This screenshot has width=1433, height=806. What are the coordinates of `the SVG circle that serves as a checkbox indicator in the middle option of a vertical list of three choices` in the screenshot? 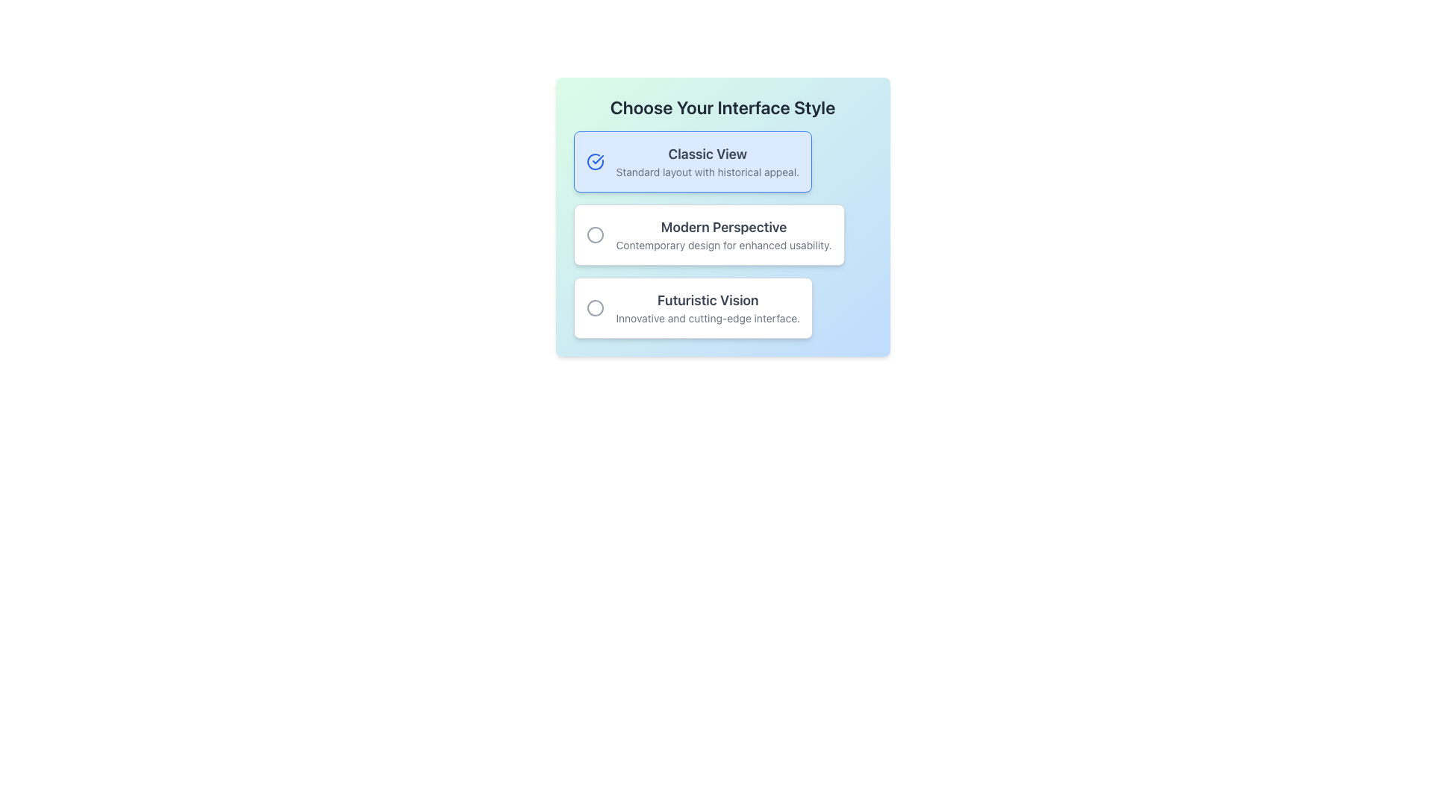 It's located at (594, 235).